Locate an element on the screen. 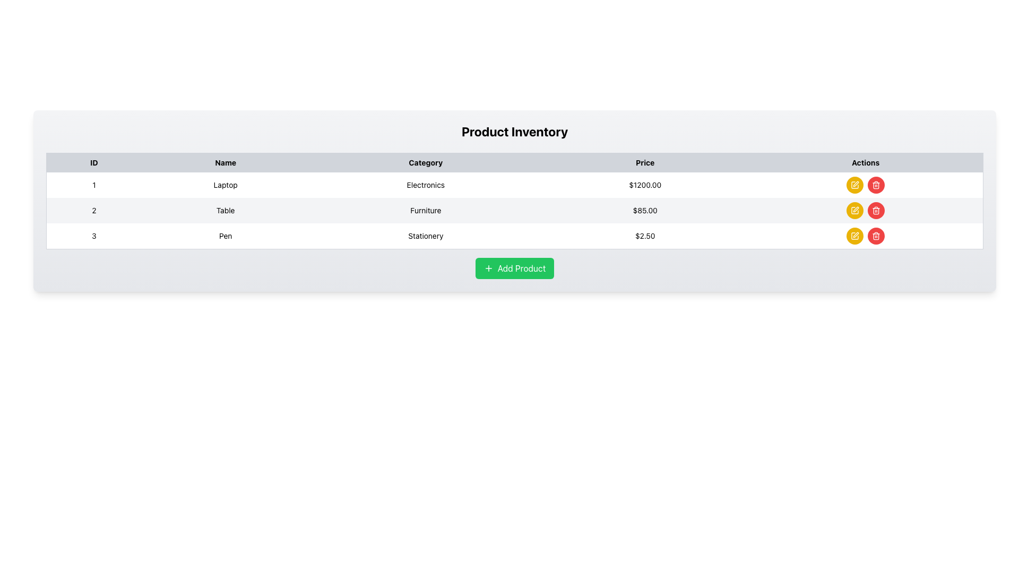 This screenshot has height=573, width=1019. the text label displaying 'Category', which is the third column header in the table, located between the 'Name' and 'Price' headers is located at coordinates (426, 162).